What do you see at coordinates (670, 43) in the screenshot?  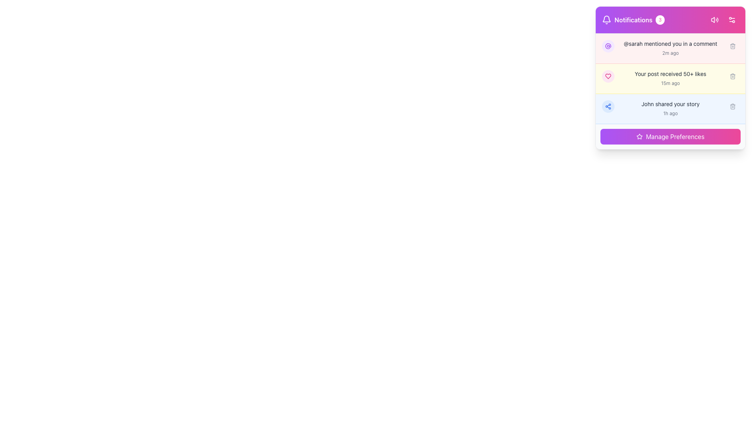 I see `the text label reading '@sarah mentioned you in a comment', which is located in the first notification entry under the 'Notifications' section` at bounding box center [670, 43].